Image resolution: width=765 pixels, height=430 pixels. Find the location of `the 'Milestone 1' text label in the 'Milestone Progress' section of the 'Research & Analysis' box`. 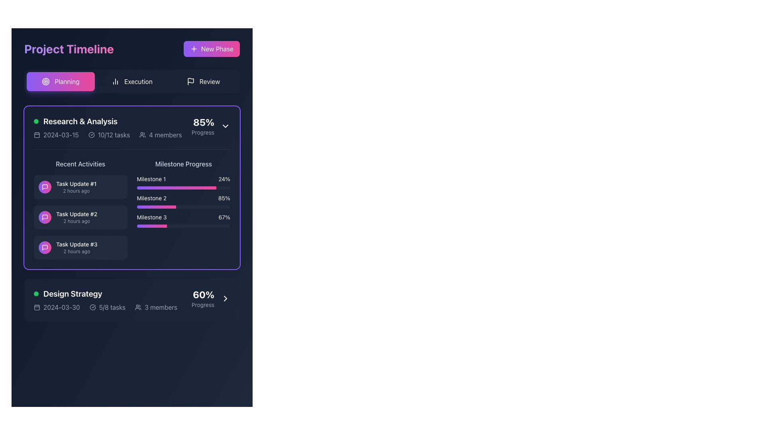

the 'Milestone 1' text label in the 'Milestone Progress' section of the 'Research & Analysis' box is located at coordinates (151, 179).